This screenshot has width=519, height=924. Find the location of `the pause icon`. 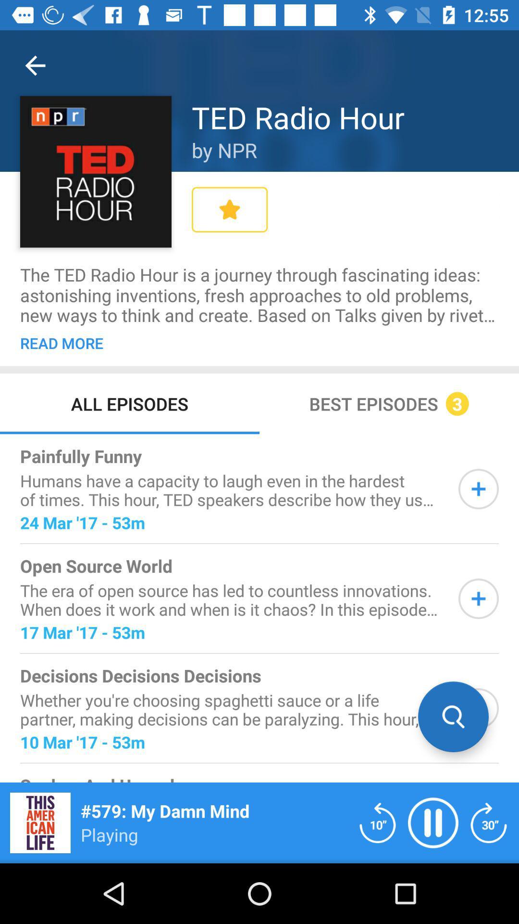

the pause icon is located at coordinates (433, 822).